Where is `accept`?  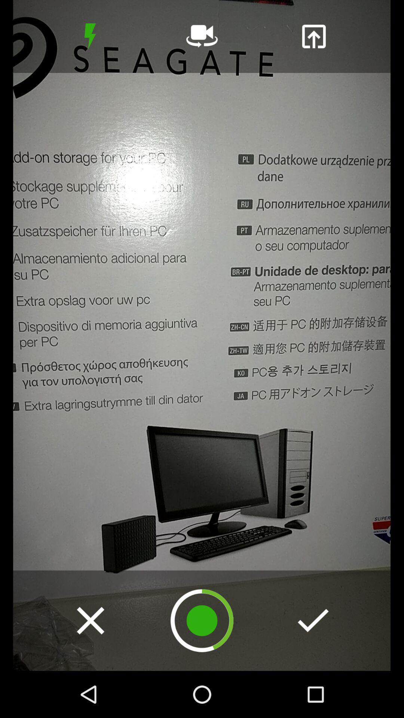 accept is located at coordinates (313, 620).